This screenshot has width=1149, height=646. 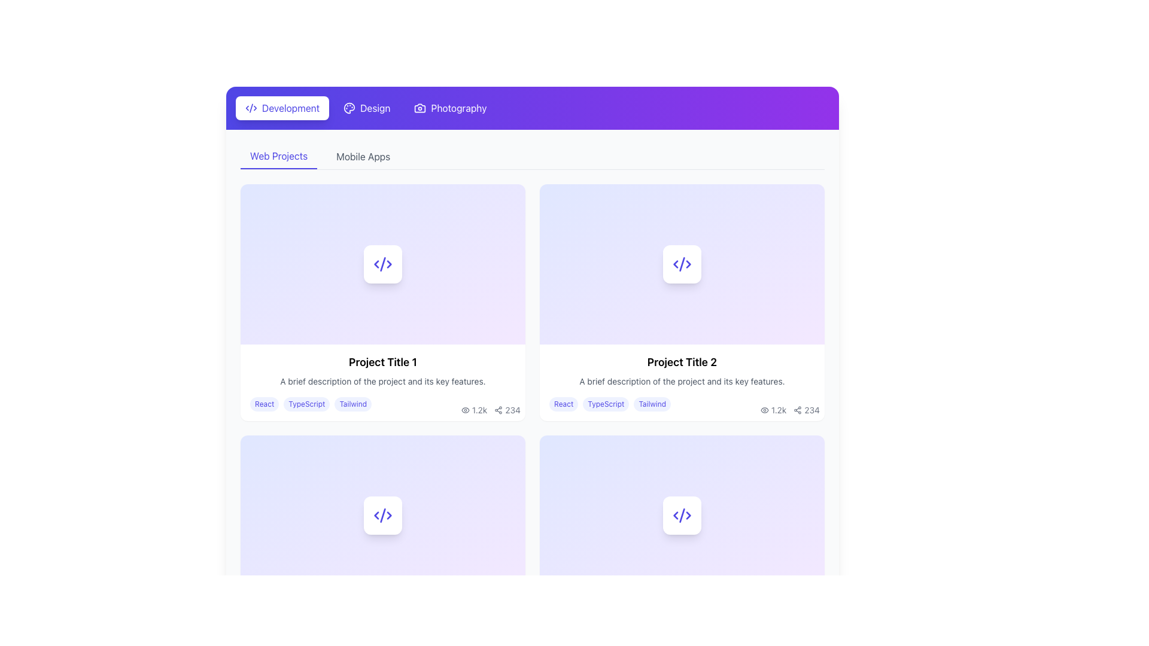 I want to click on the icon in the bottom left card of the grid, which serves as a visual indicator for XML code-related content, so click(x=682, y=514).